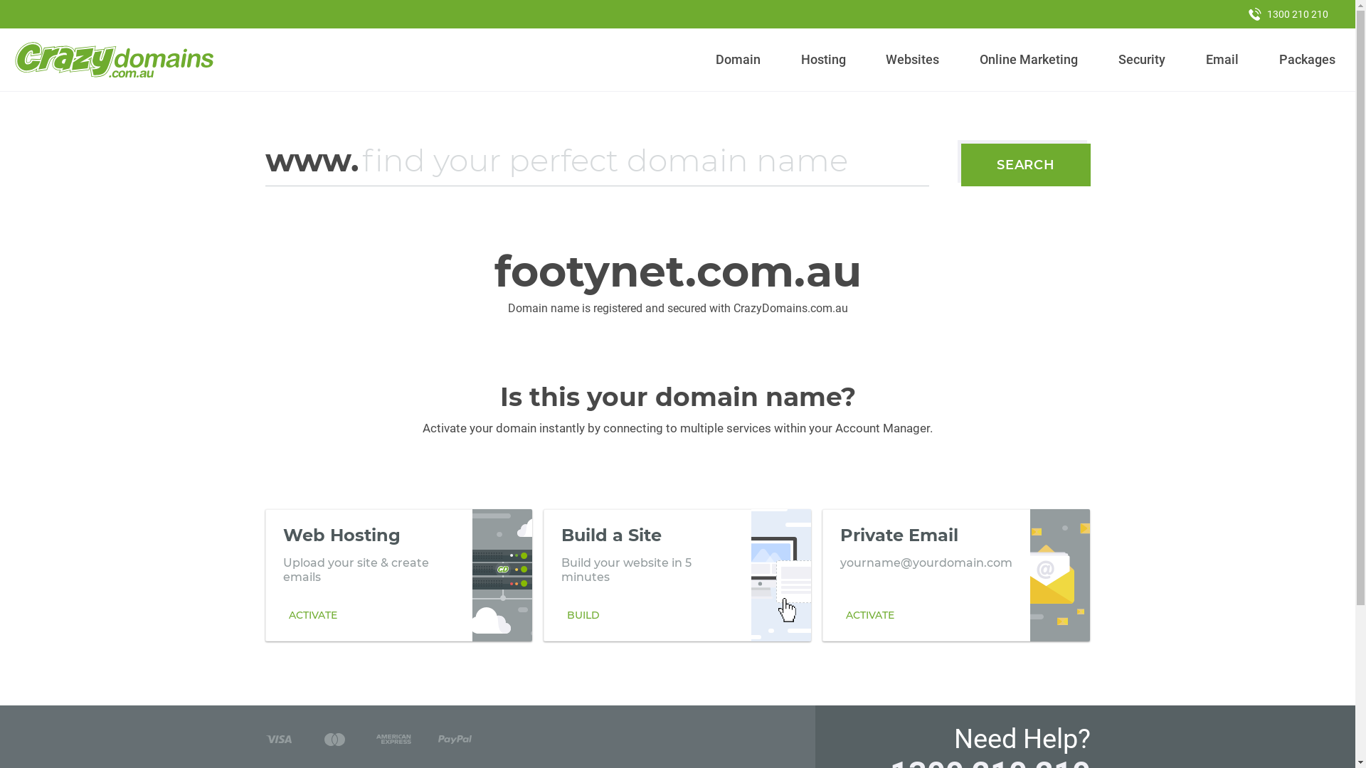 The image size is (1366, 768). What do you see at coordinates (398, 575) in the screenshot?
I see `'Web Hosting` at bounding box center [398, 575].